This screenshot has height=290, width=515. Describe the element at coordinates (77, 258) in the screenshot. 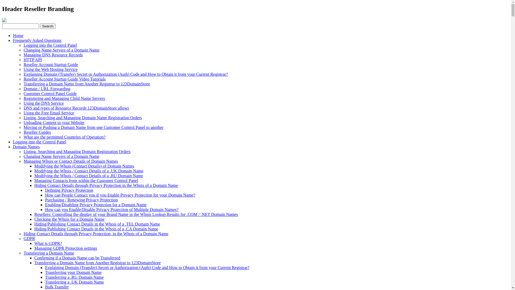

I see `'Confirming if a Domain Name can be Transferred'` at that location.